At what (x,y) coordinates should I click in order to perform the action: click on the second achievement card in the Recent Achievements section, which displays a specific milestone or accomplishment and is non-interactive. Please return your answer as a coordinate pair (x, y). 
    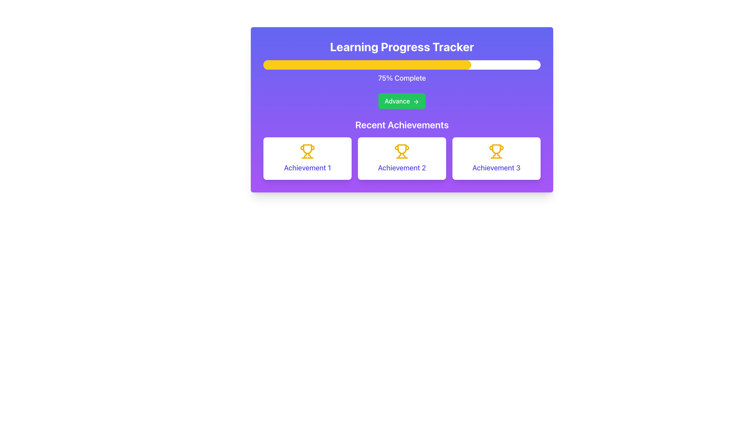
    Looking at the image, I should click on (402, 158).